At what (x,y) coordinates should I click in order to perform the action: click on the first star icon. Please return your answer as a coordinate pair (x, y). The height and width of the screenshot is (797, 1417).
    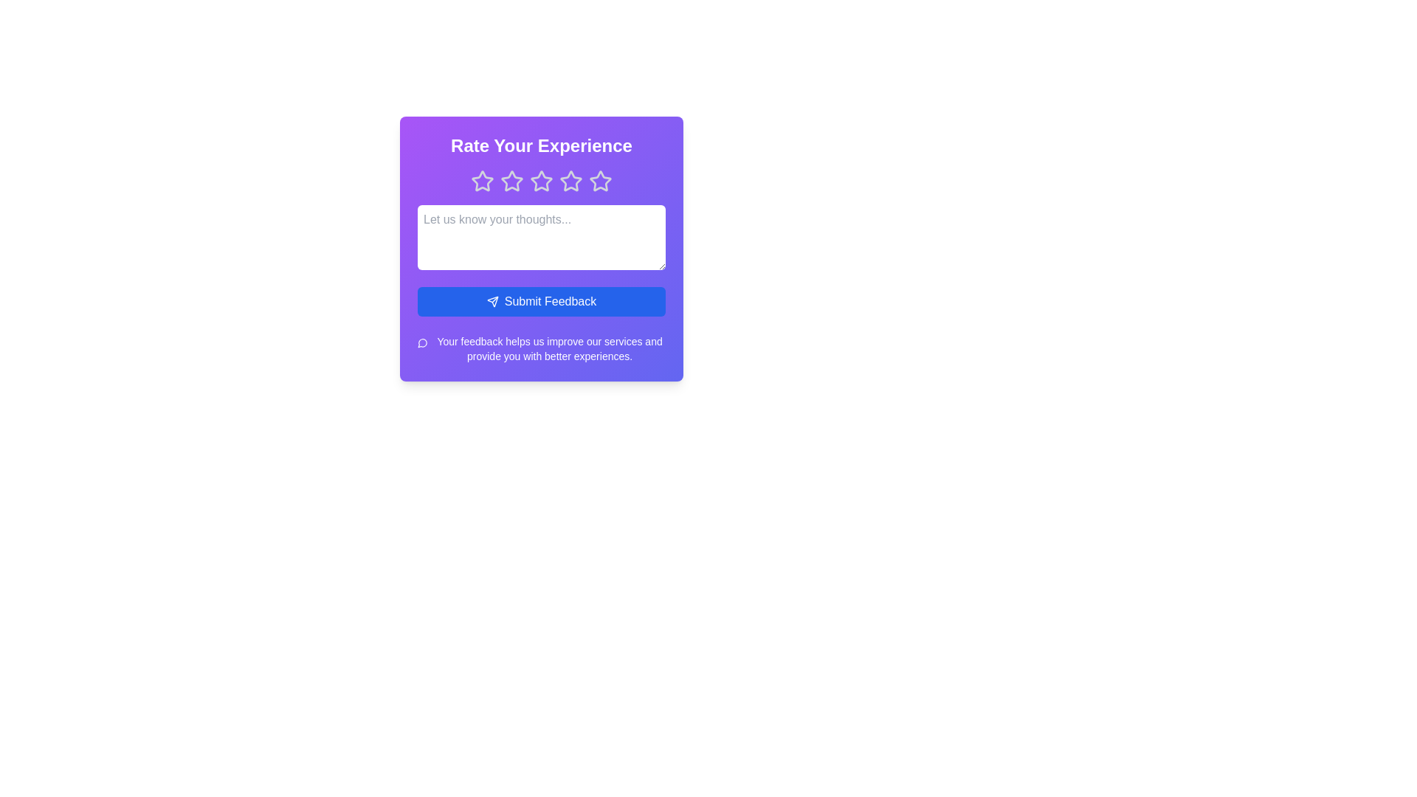
    Looking at the image, I should click on (482, 181).